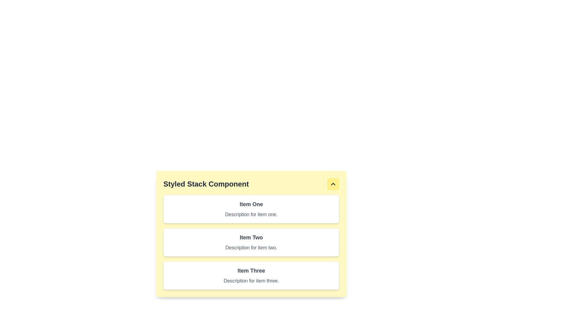  I want to click on the static text label that provides supplementary information below the 'Item One' heading in the card component, so click(251, 214).